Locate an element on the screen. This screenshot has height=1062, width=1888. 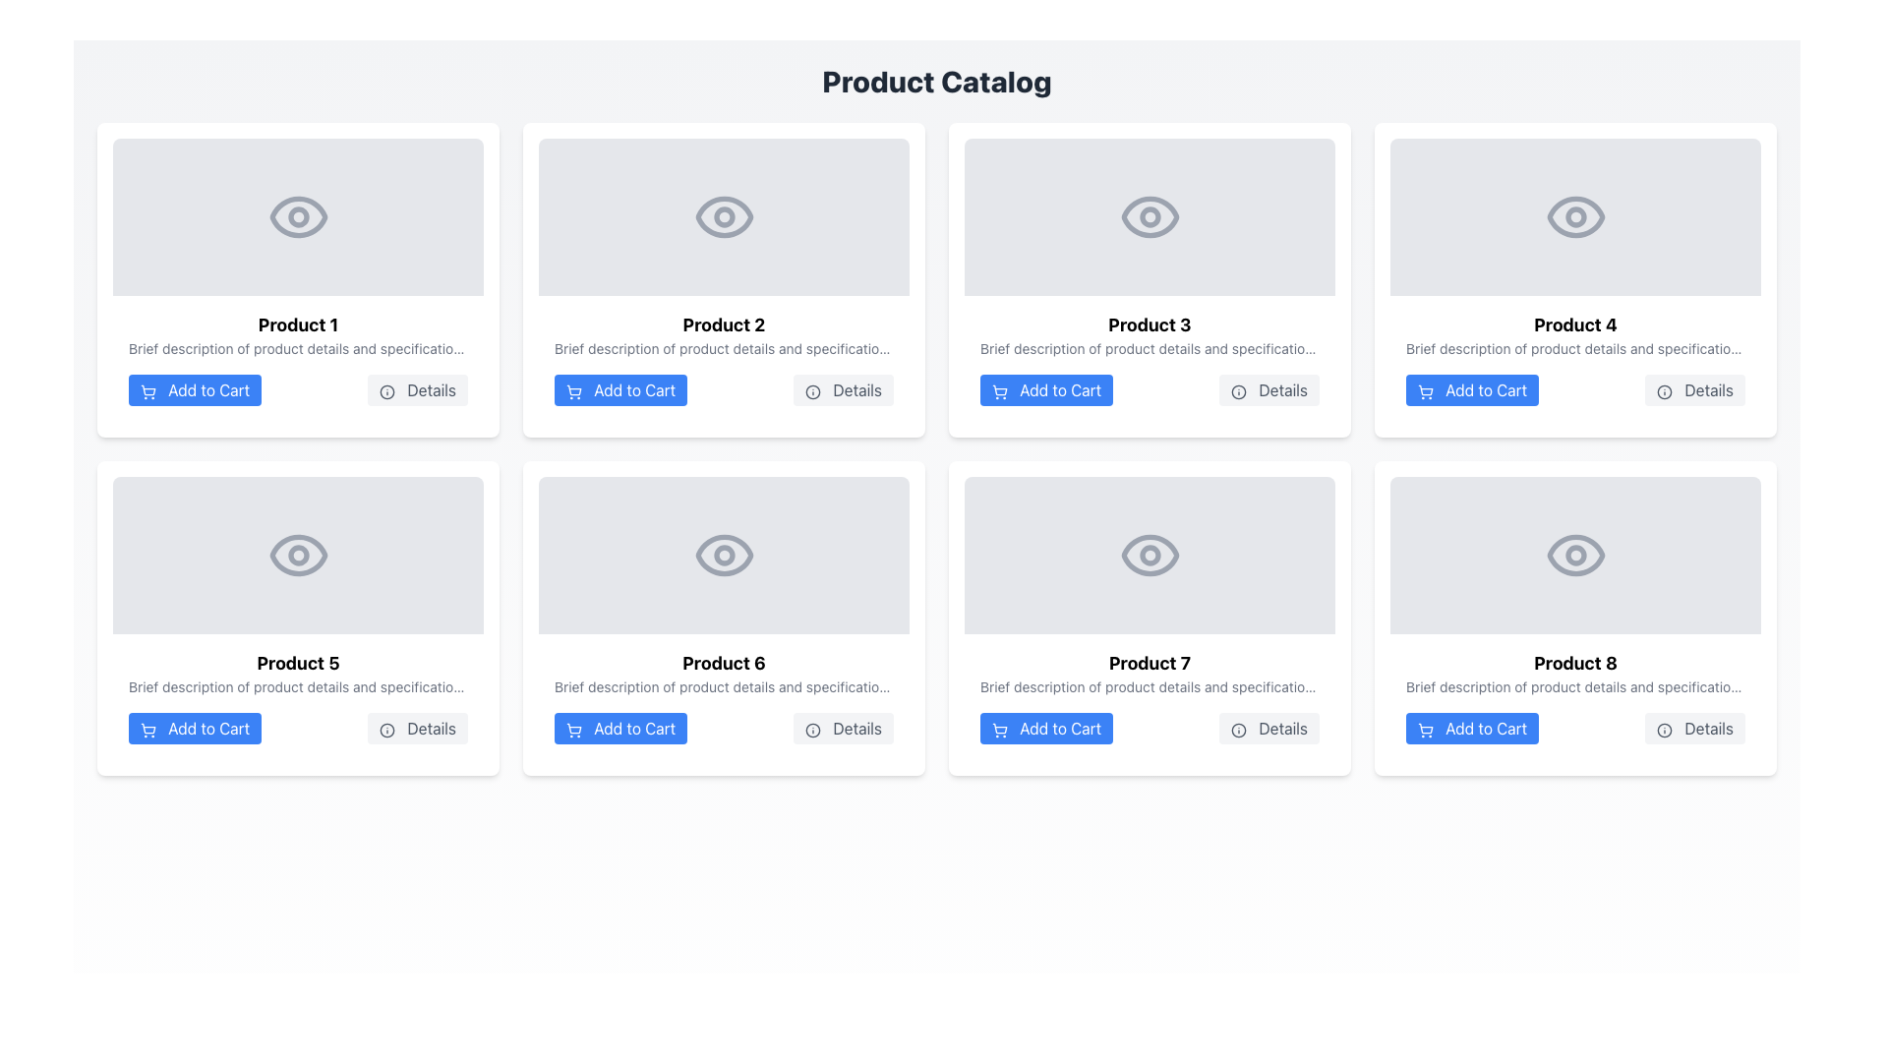
the circular icon with an 'i' symbol, located within the 'Details' button of the 'Product 1' card is located at coordinates (387, 391).